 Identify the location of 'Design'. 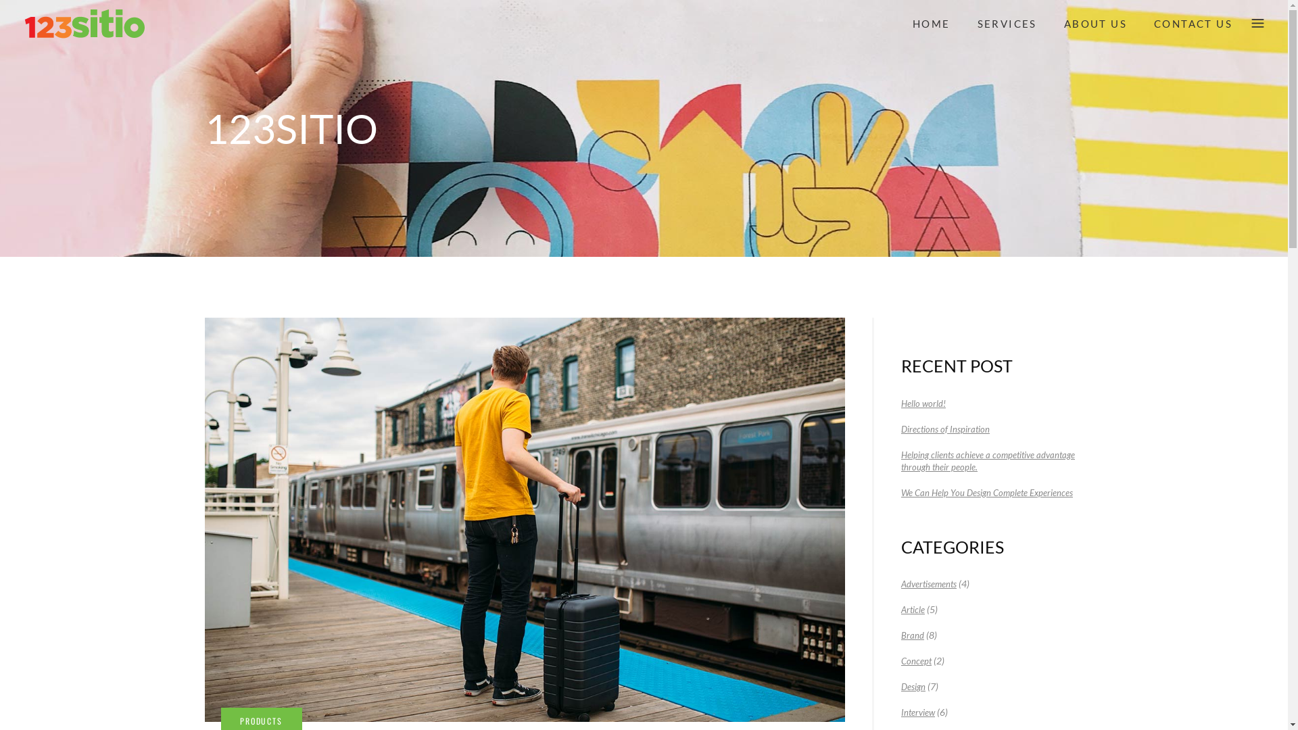
(913, 686).